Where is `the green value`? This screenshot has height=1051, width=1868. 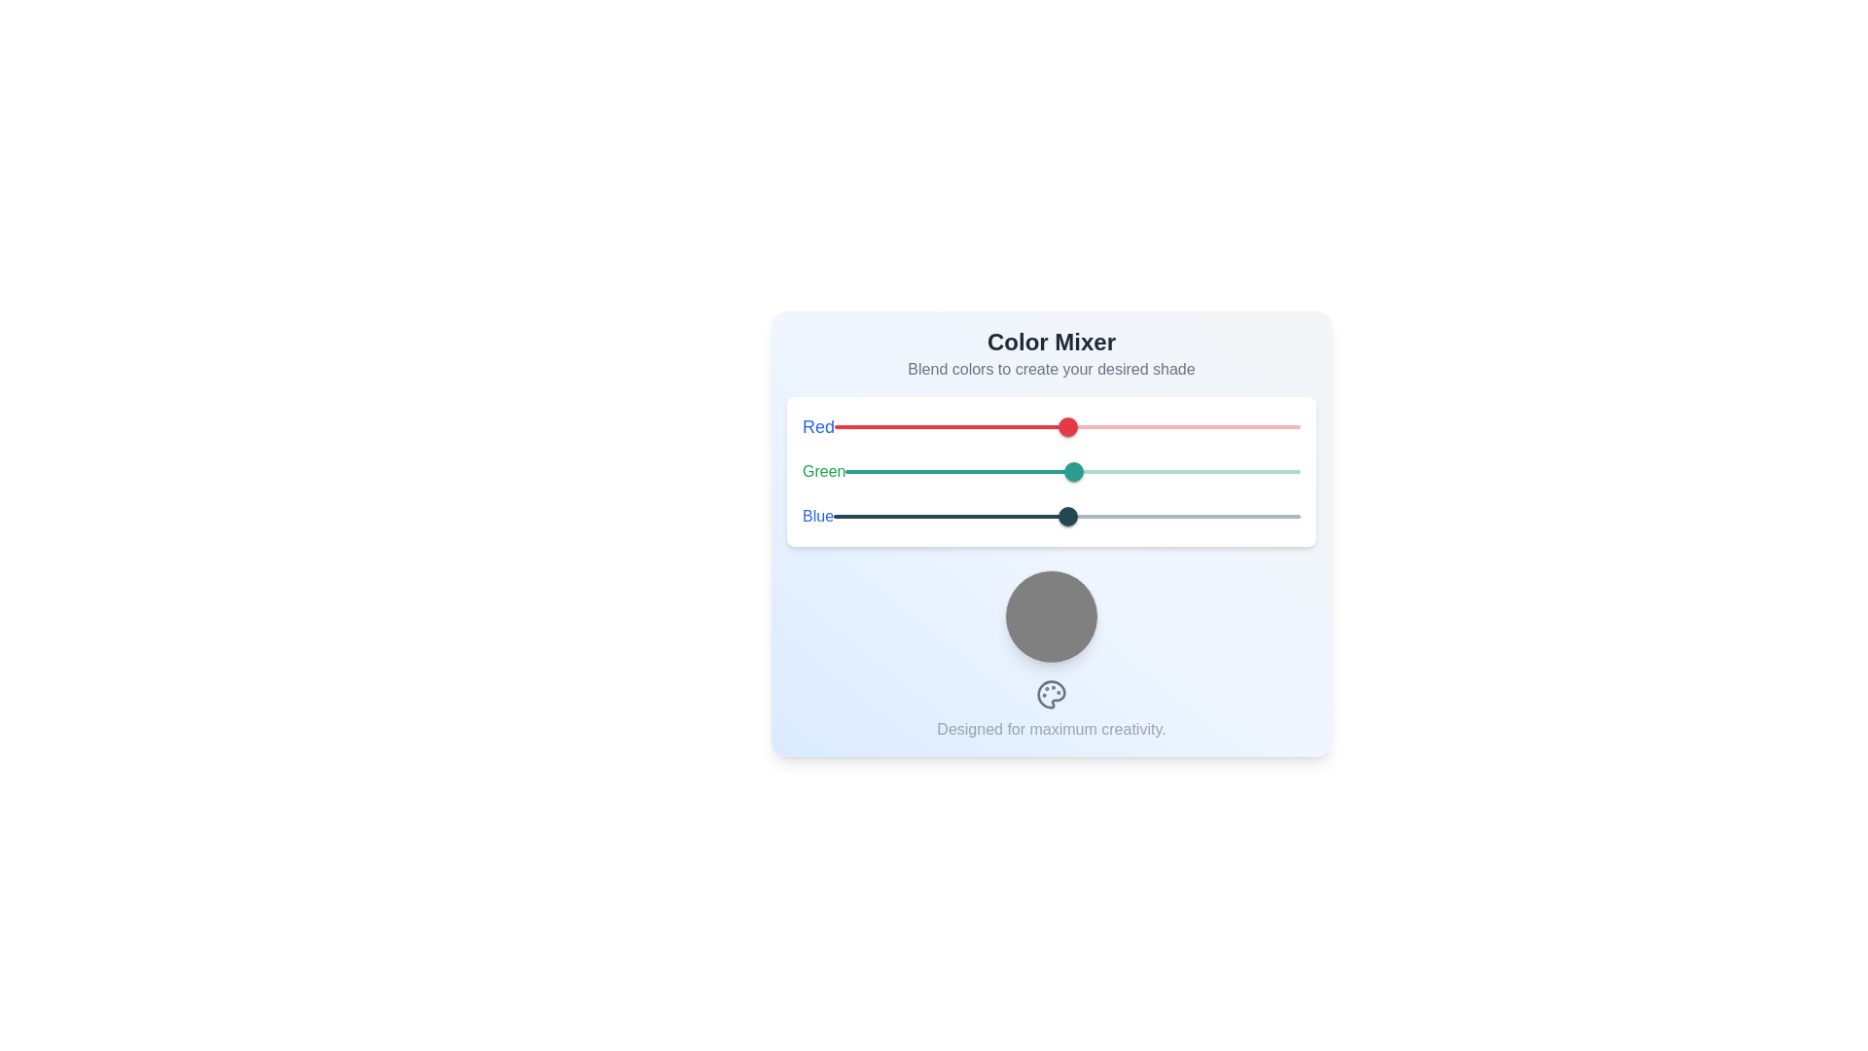
the green value is located at coordinates (1039, 472).